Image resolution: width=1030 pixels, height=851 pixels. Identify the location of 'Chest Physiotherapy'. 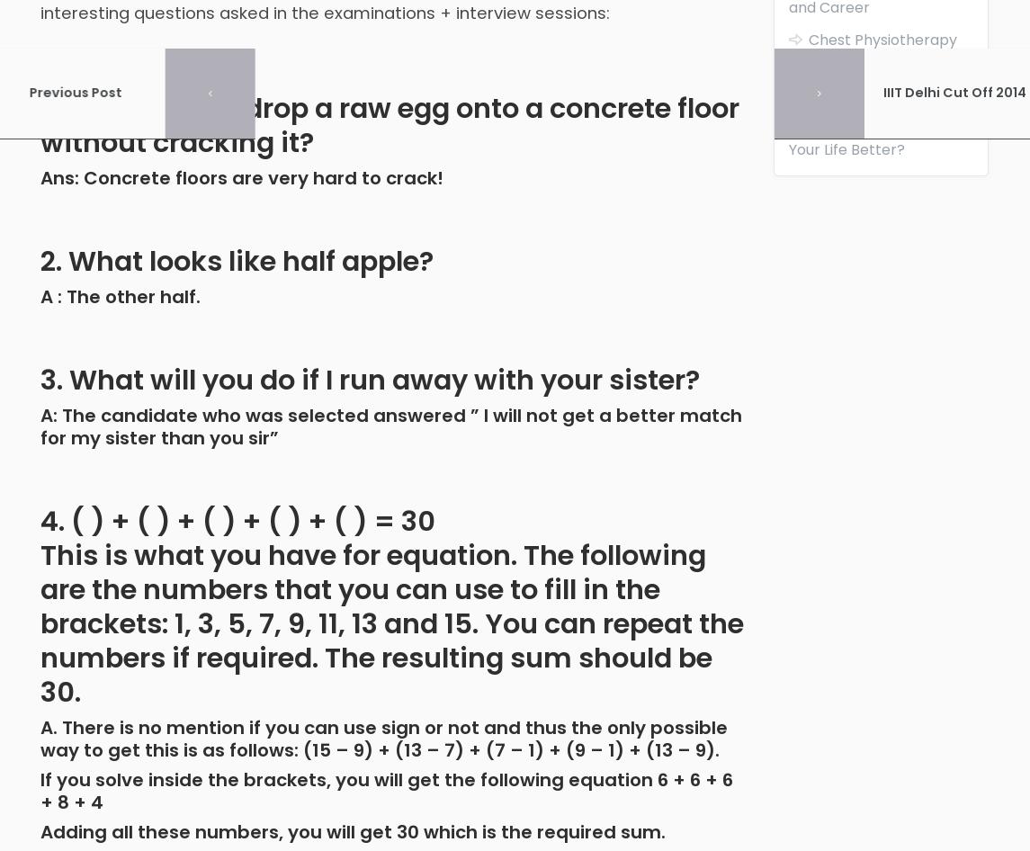
(808, 39).